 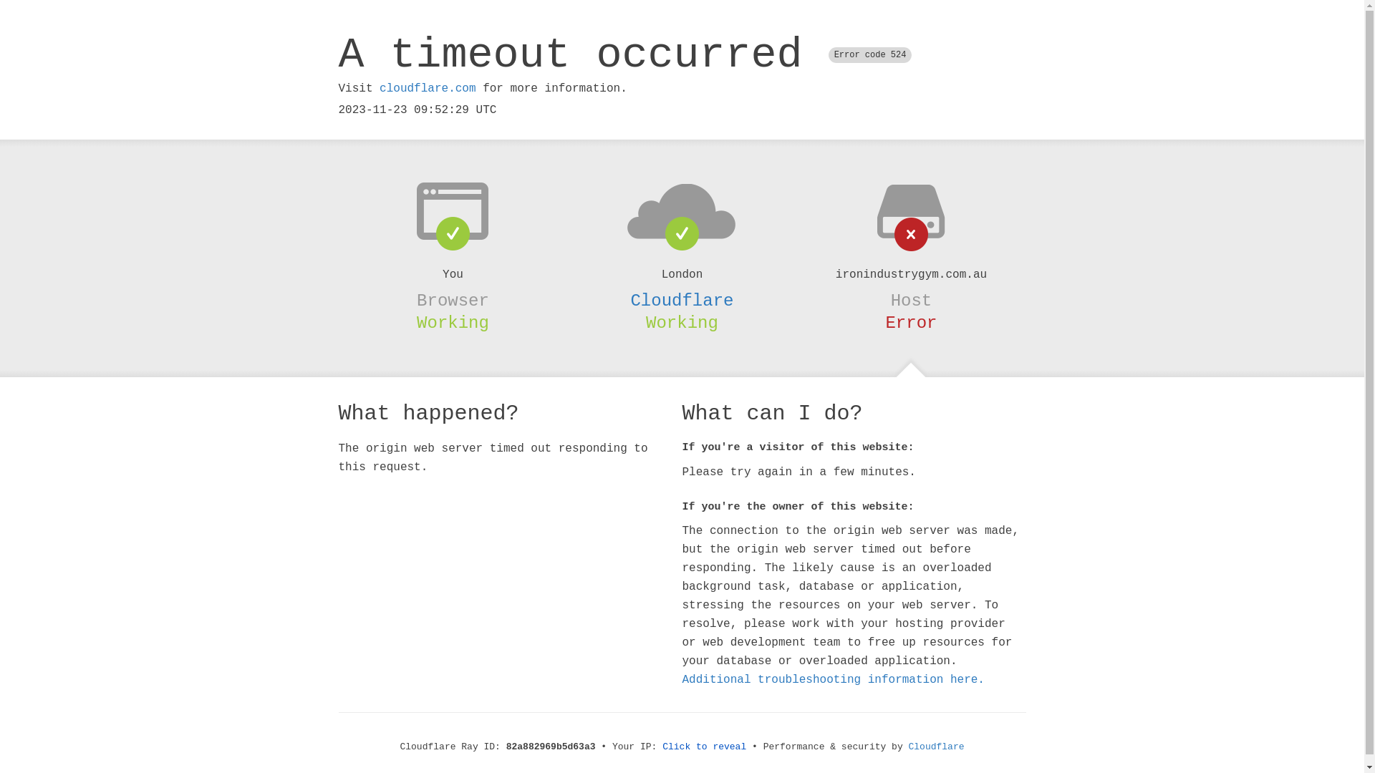 What do you see at coordinates (704, 746) in the screenshot?
I see `'Click to reveal'` at bounding box center [704, 746].